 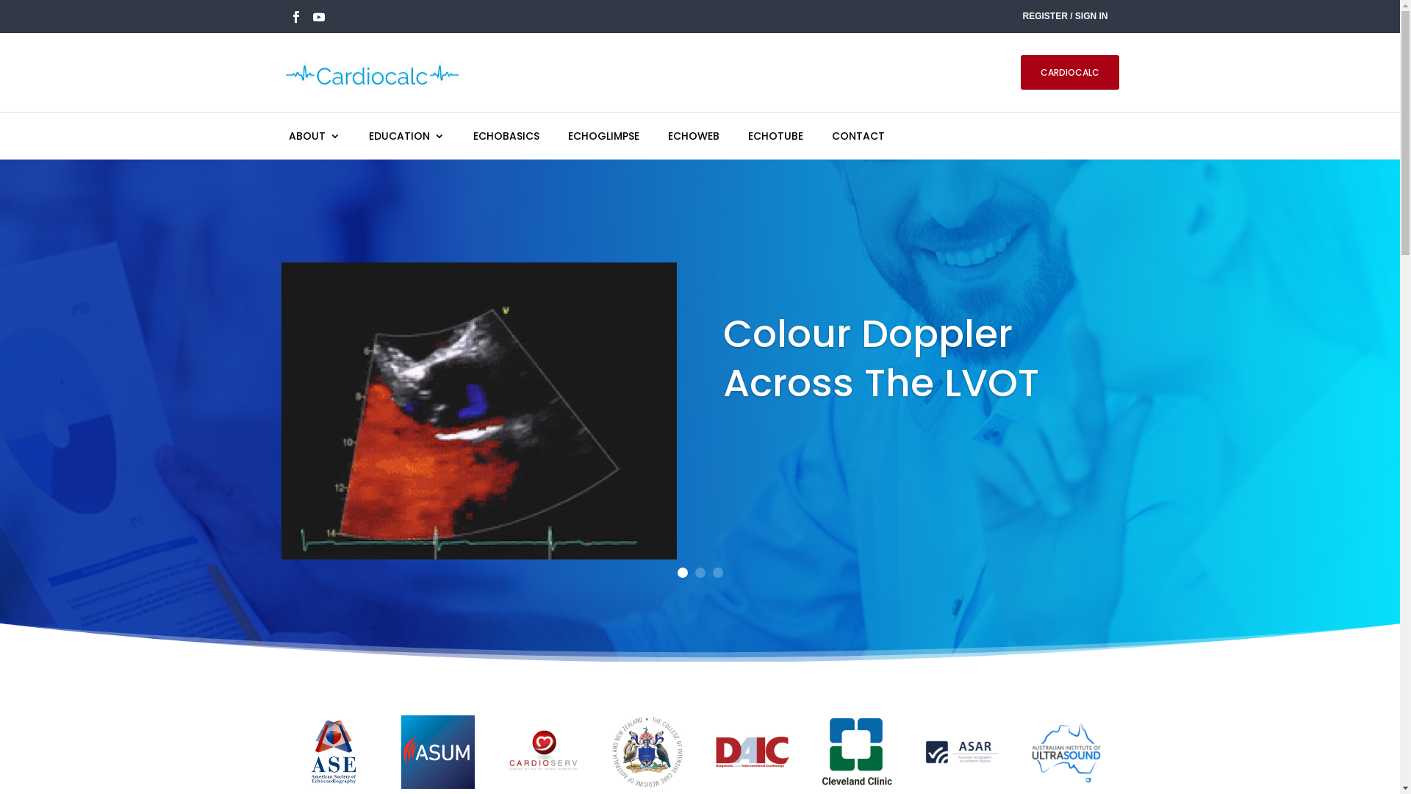 What do you see at coordinates (1065, 17) in the screenshot?
I see `'REGISTER / SIGN IN'` at bounding box center [1065, 17].